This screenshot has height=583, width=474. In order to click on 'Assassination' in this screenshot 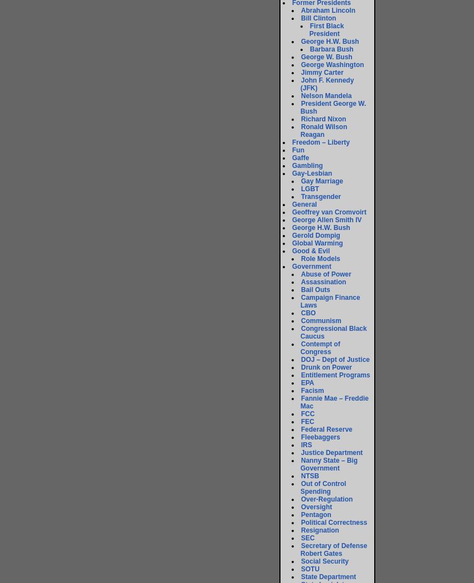, I will do `click(323, 281)`.